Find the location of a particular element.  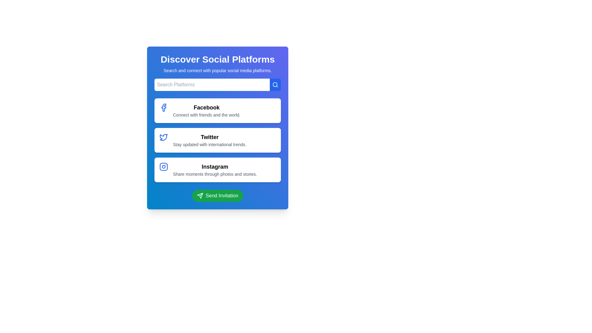

the Twitter icon located on the left side of the 'Twitter' section, next to the text 'Stay updated with international trends.' is located at coordinates (164, 137).